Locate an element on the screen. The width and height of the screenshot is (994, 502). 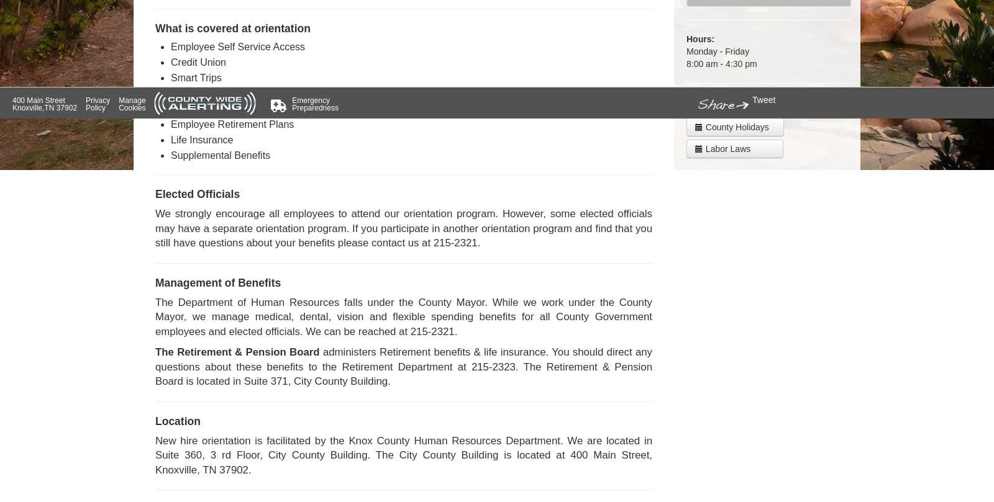
'Employee Self Service Access' is located at coordinates (238, 47).